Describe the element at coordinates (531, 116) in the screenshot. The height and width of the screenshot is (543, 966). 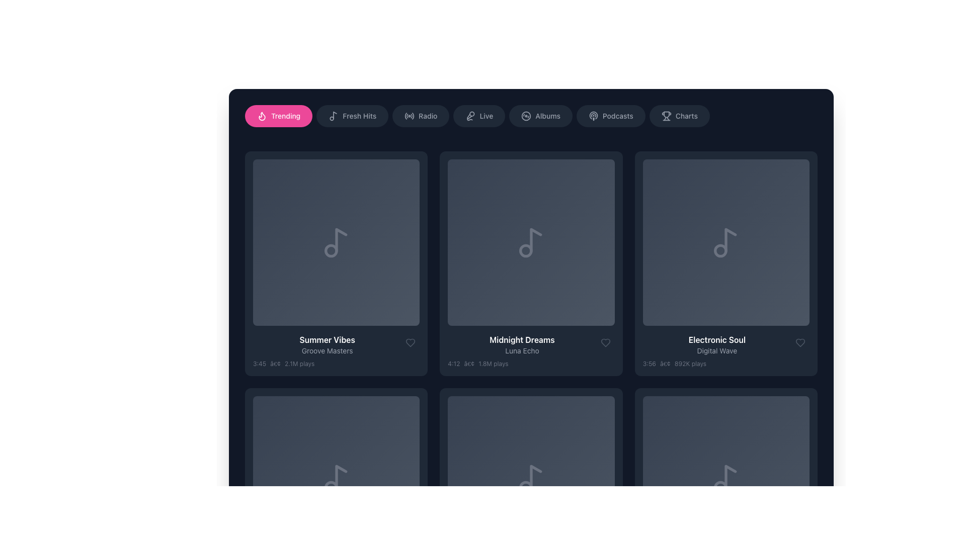
I see `the 'Albums' interactive button, which has a dark gray rounded background and is the 5th item in the horizontal menu bar` at that location.